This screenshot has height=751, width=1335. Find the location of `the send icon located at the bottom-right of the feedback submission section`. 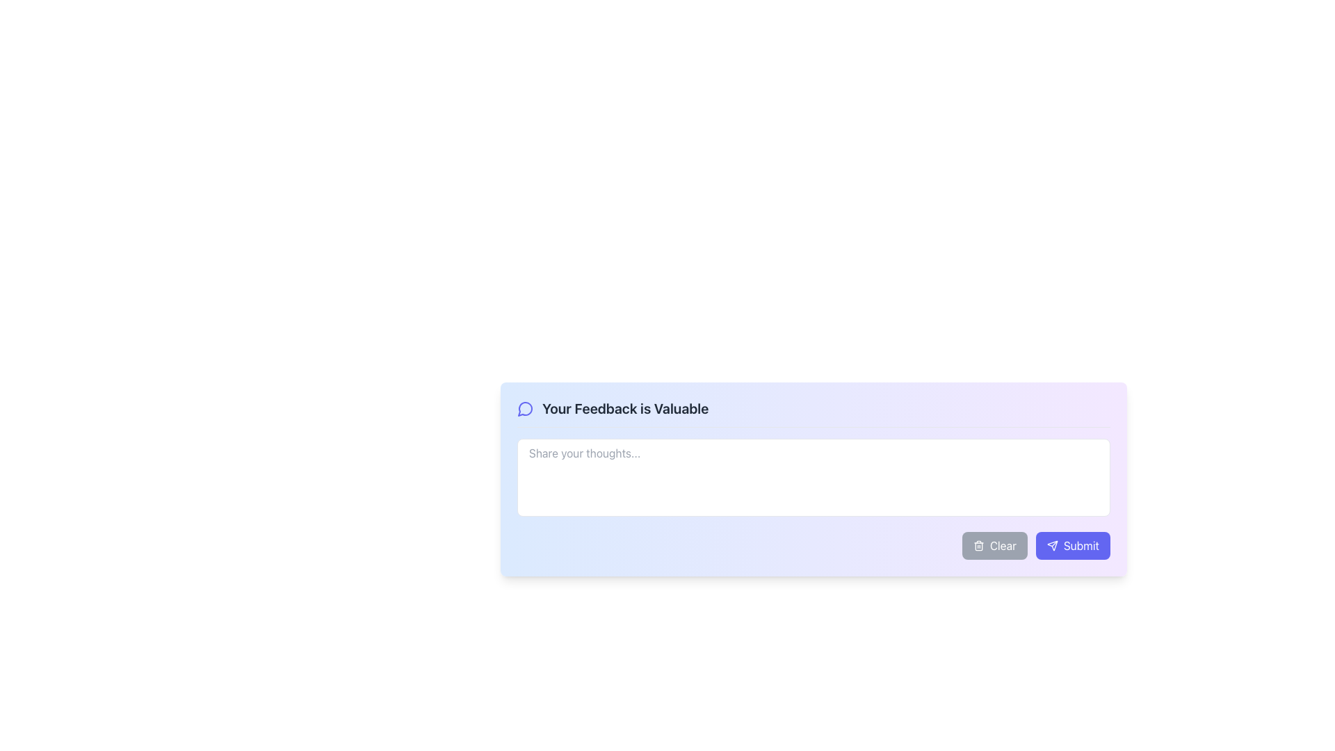

the send icon located at the bottom-right of the feedback submission section is located at coordinates (1052, 545).